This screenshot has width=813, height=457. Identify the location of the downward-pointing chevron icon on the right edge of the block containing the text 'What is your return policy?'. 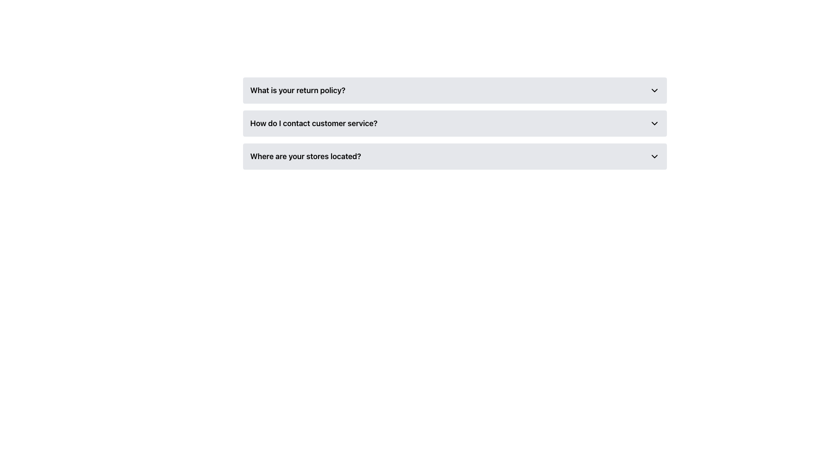
(654, 90).